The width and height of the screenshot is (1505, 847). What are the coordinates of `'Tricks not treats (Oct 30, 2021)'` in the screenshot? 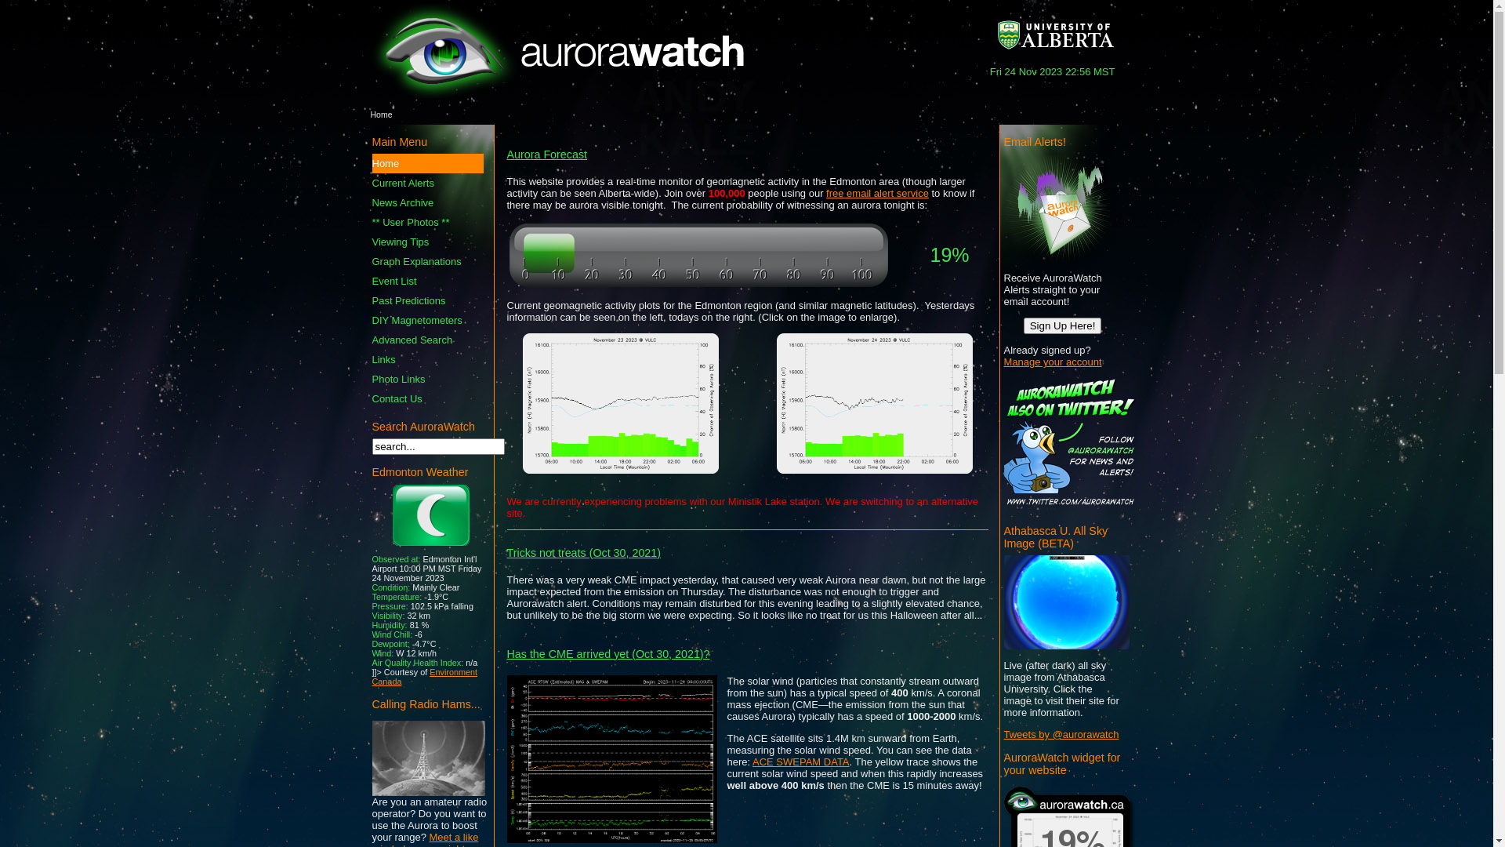 It's located at (582, 551).